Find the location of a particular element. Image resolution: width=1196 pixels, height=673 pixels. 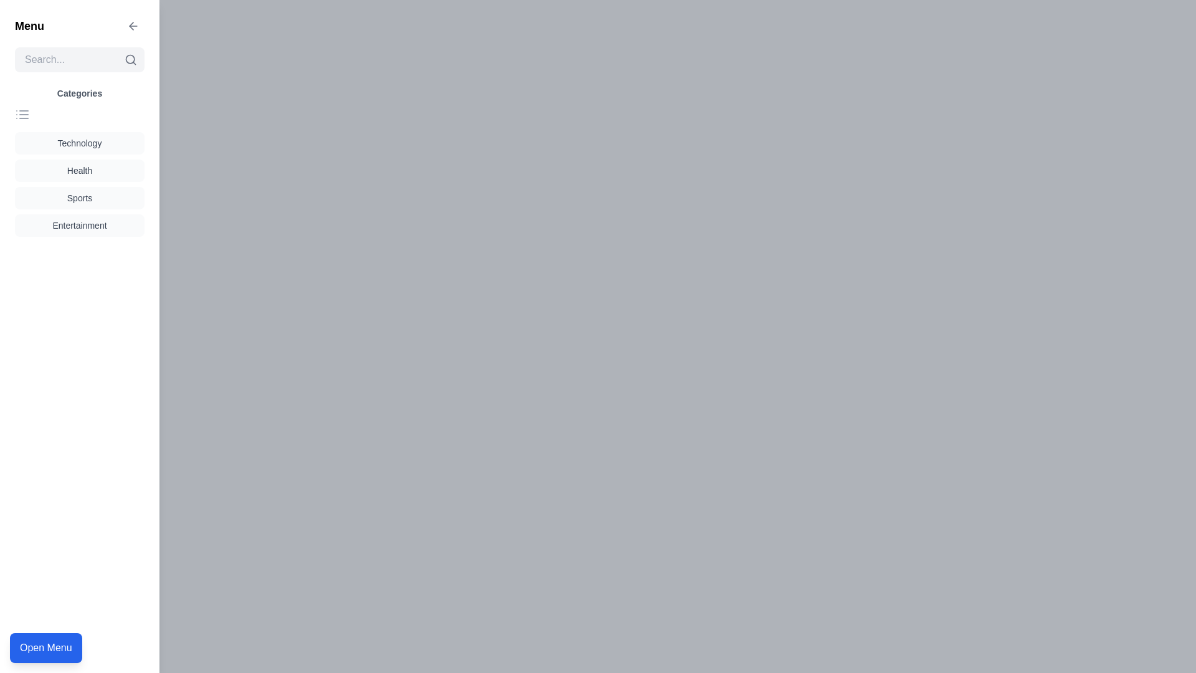

the 'Entertainment' button, which is the fourth button in the vertical list under the 'Categories' section in the left sidebar is located at coordinates (79, 226).